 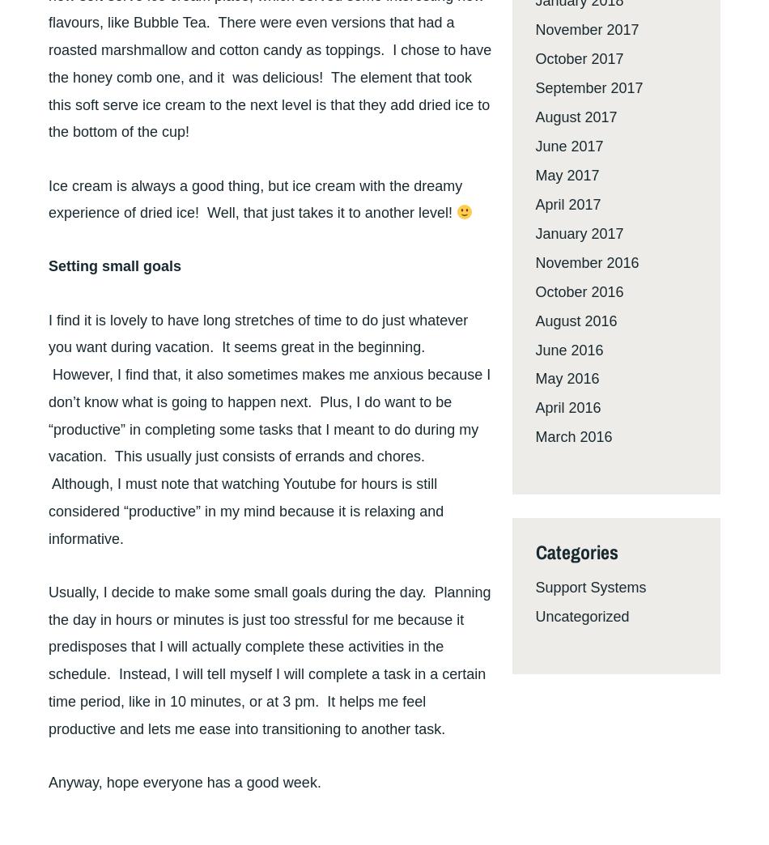 I want to click on 'June 2016', so click(x=535, y=349).